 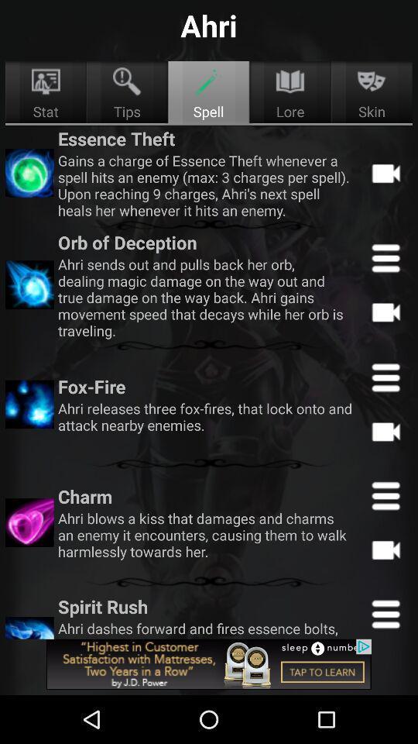 I want to click on record video, so click(x=385, y=431).